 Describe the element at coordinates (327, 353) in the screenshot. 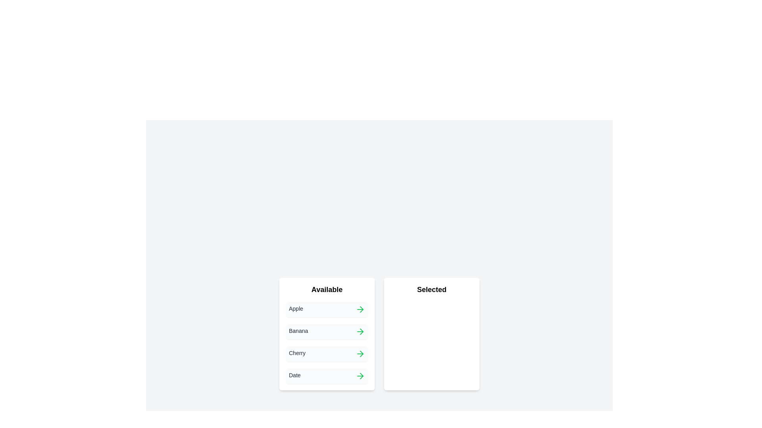

I see `the item Cherry to observe any visual effects or tooltips` at that location.